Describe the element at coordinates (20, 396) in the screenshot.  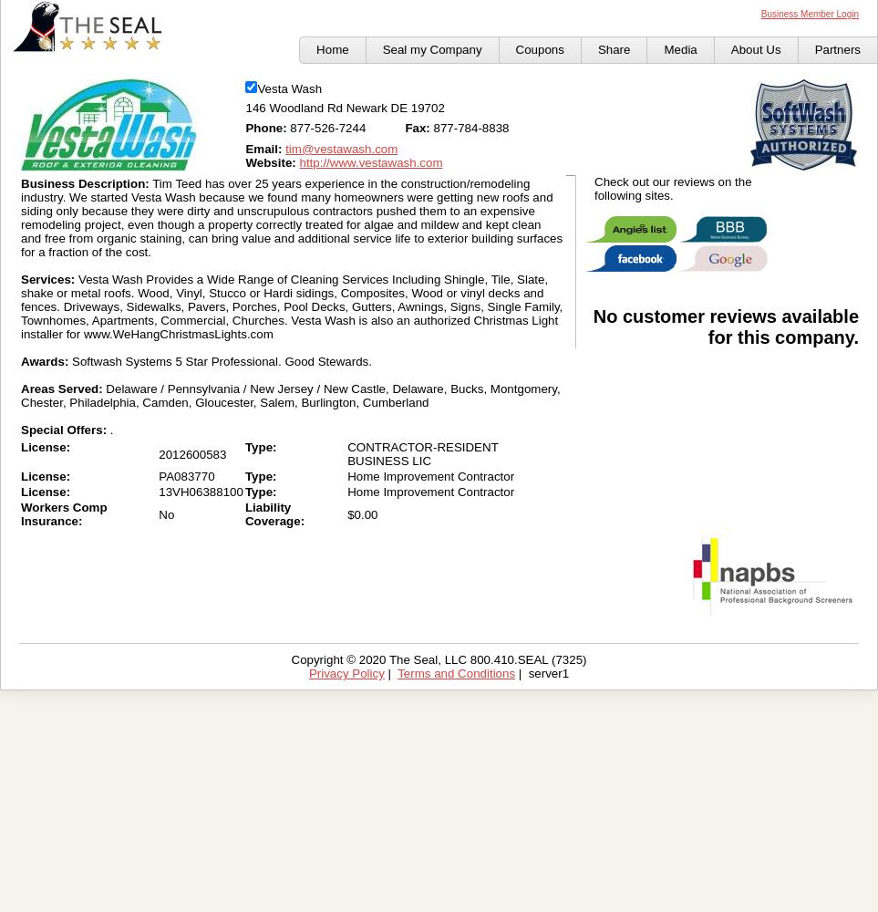
I see `'Delaware / Pennsylvania / New Jersey / New Castle, Delaware, Bucks, Montgomery, Chester, Philadelphia, Camden, Gloucester, Salem, Burlington, Cumberland'` at that location.